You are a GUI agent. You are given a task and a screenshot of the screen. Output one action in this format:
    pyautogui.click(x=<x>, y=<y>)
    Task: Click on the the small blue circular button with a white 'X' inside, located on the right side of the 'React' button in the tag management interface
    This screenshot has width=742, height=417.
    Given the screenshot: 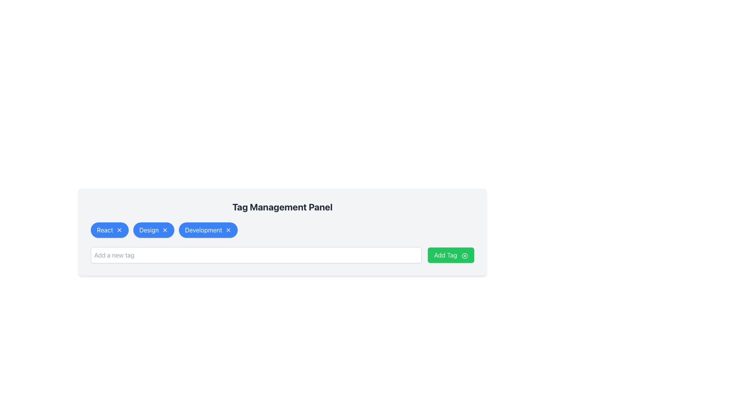 What is the action you would take?
    pyautogui.click(x=119, y=230)
    